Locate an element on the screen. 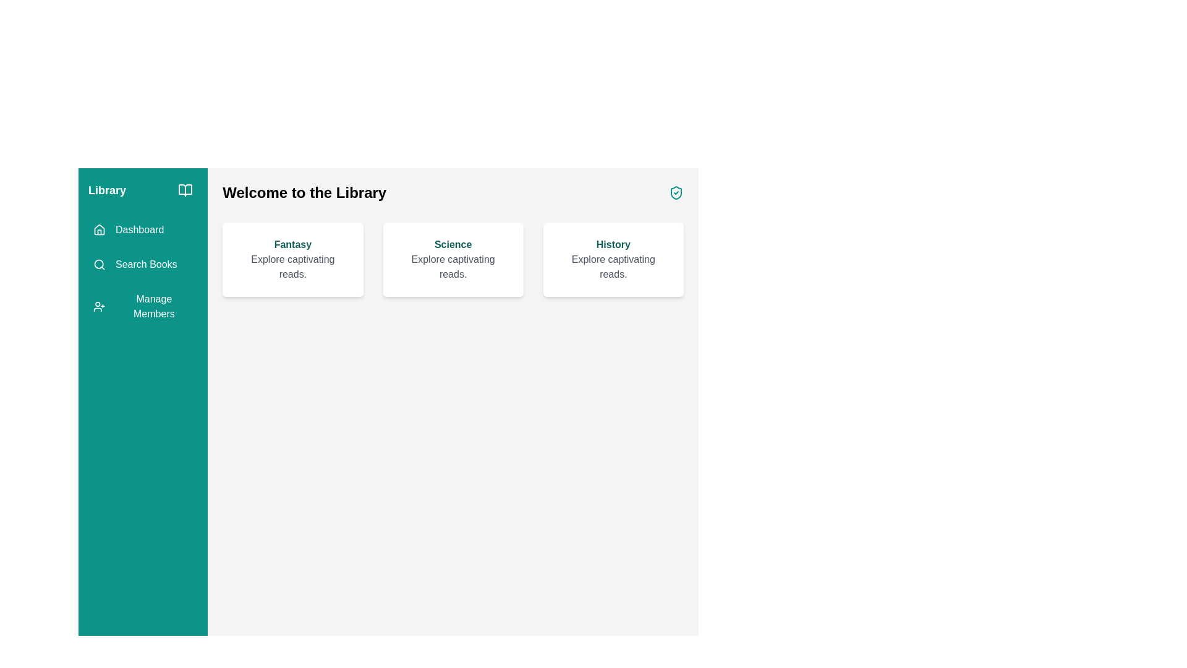 The width and height of the screenshot is (1187, 668). the 'Search Books' button, which is a teal button with rounded corners located below the 'Dashboard' item in the left sidebar is located at coordinates (135, 264).